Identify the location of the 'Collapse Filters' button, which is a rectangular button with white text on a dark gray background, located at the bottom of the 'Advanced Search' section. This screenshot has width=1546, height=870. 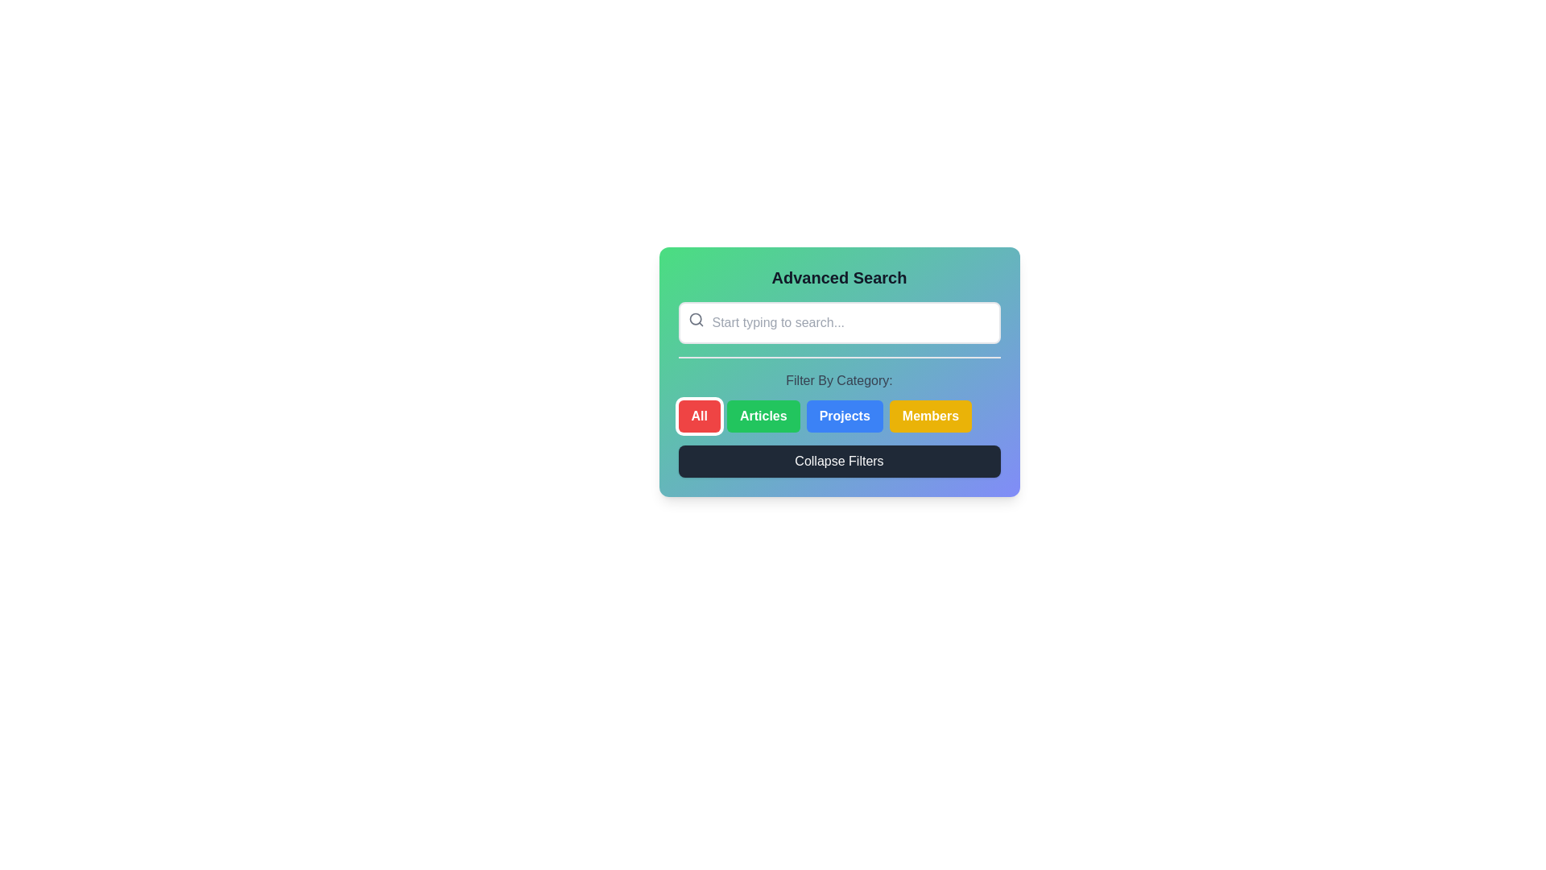
(838, 462).